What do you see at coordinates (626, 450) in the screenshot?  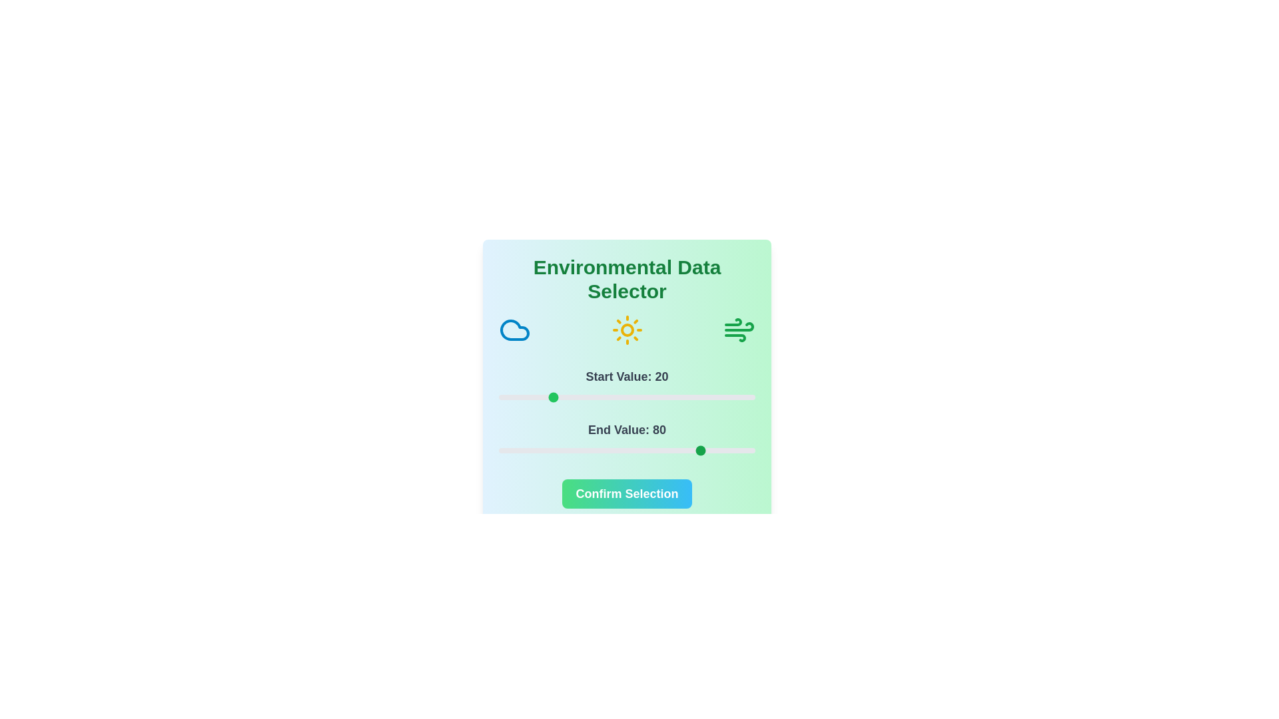 I see `the green thumb control of the horizontal range slider located below 'End Value: 80'` at bounding box center [626, 450].